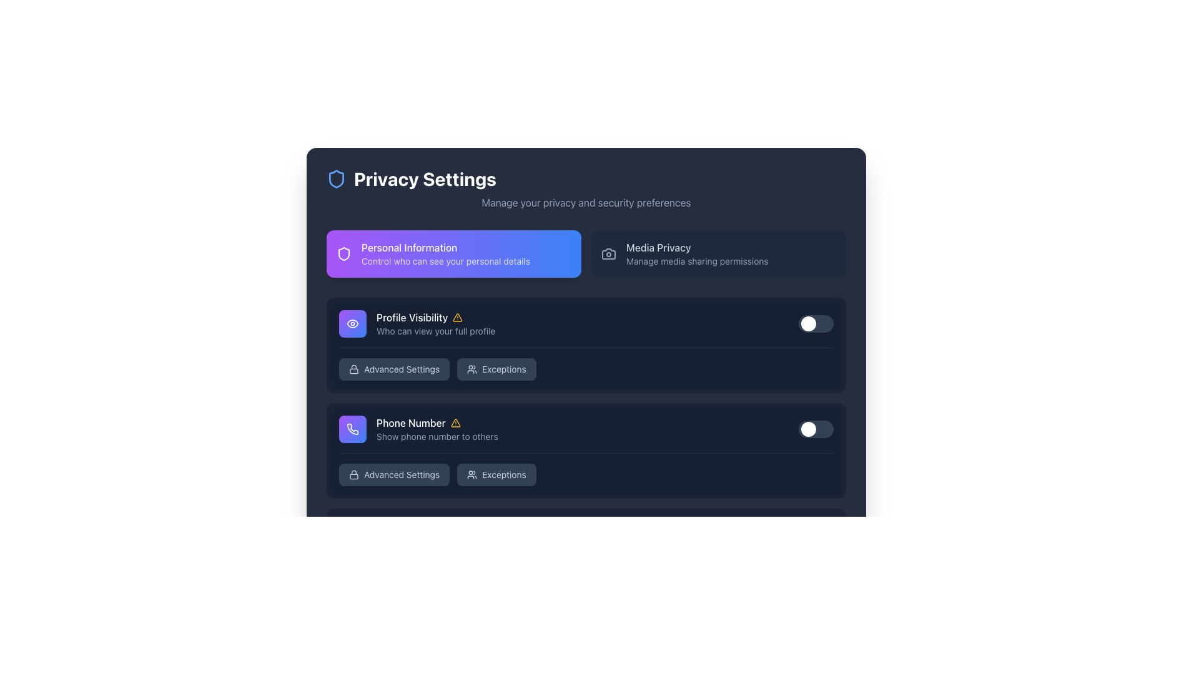 The width and height of the screenshot is (1199, 674). Describe the element at coordinates (344, 253) in the screenshot. I see `the 'Personal Information' icon located at the top-left corner of the 'Personal Information' card by clicking on it` at that location.